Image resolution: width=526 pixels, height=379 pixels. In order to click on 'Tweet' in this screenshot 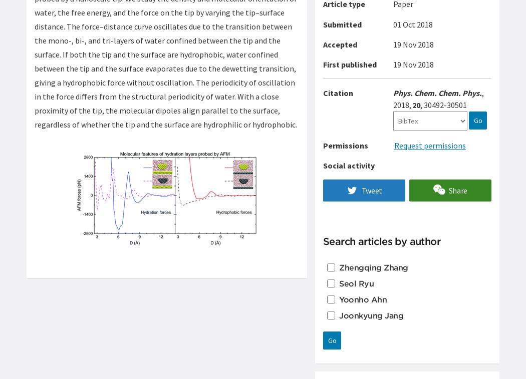, I will do `click(361, 189)`.